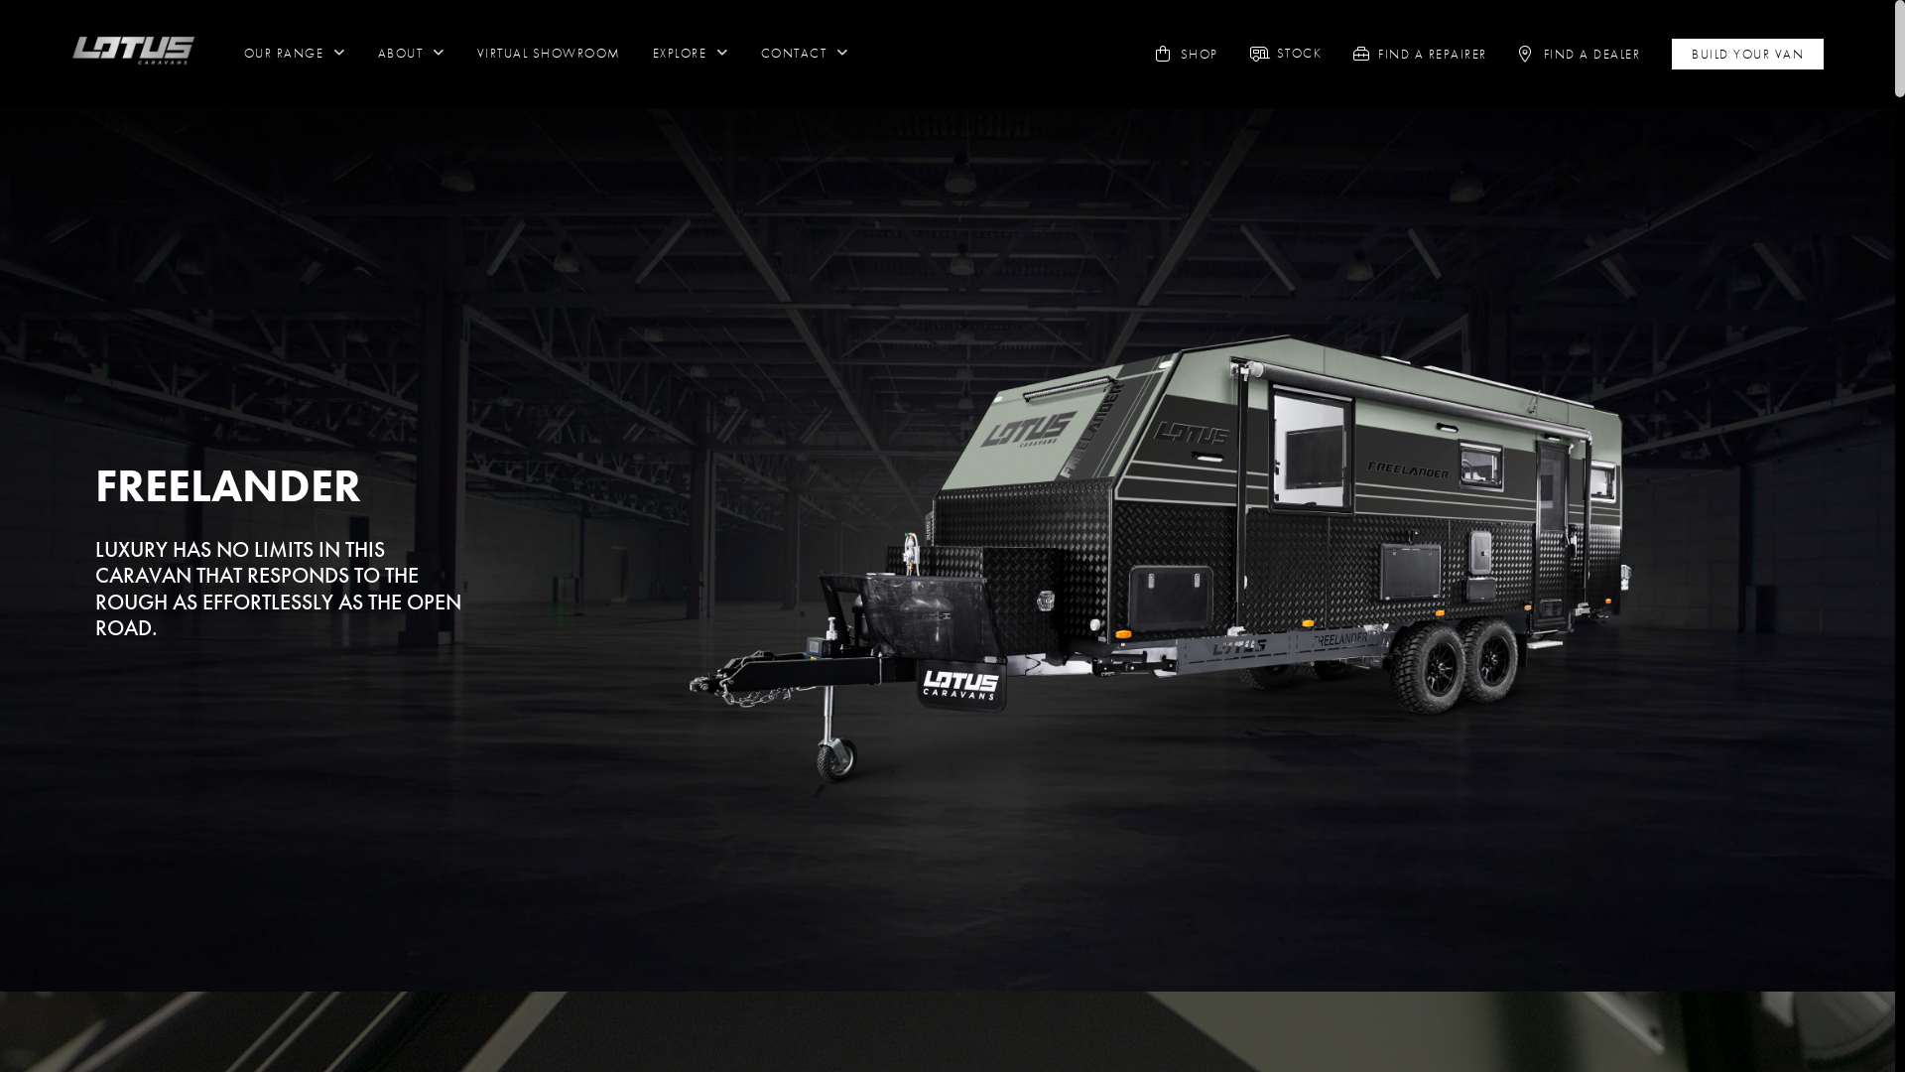 This screenshot has width=1905, height=1072. Describe the element at coordinates (294, 53) in the screenshot. I see `'OUR RANGE'` at that location.